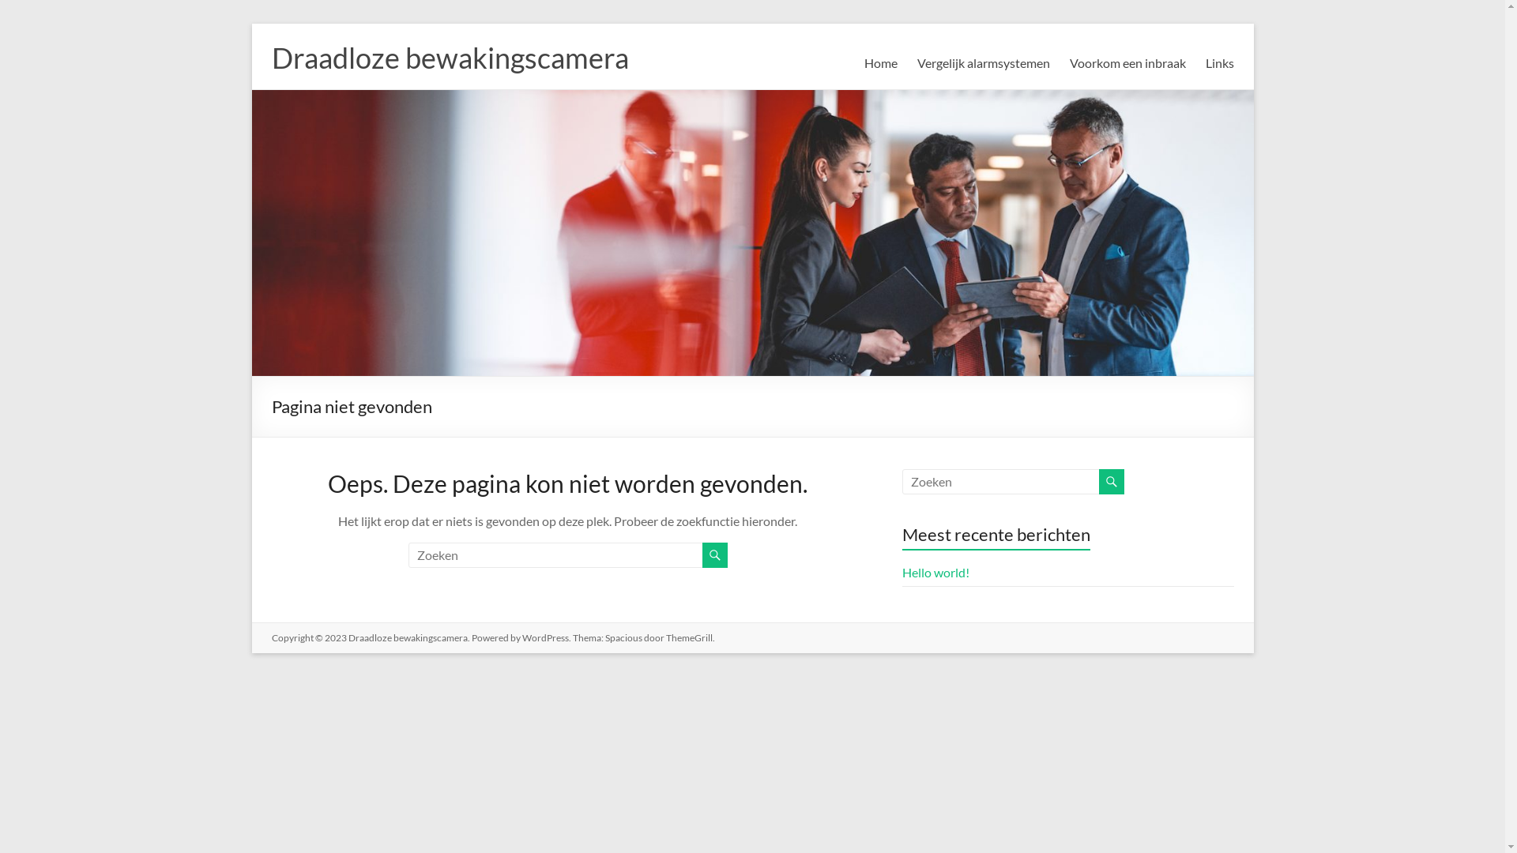  What do you see at coordinates (250, 23) in the screenshot?
I see `'Skip to content'` at bounding box center [250, 23].